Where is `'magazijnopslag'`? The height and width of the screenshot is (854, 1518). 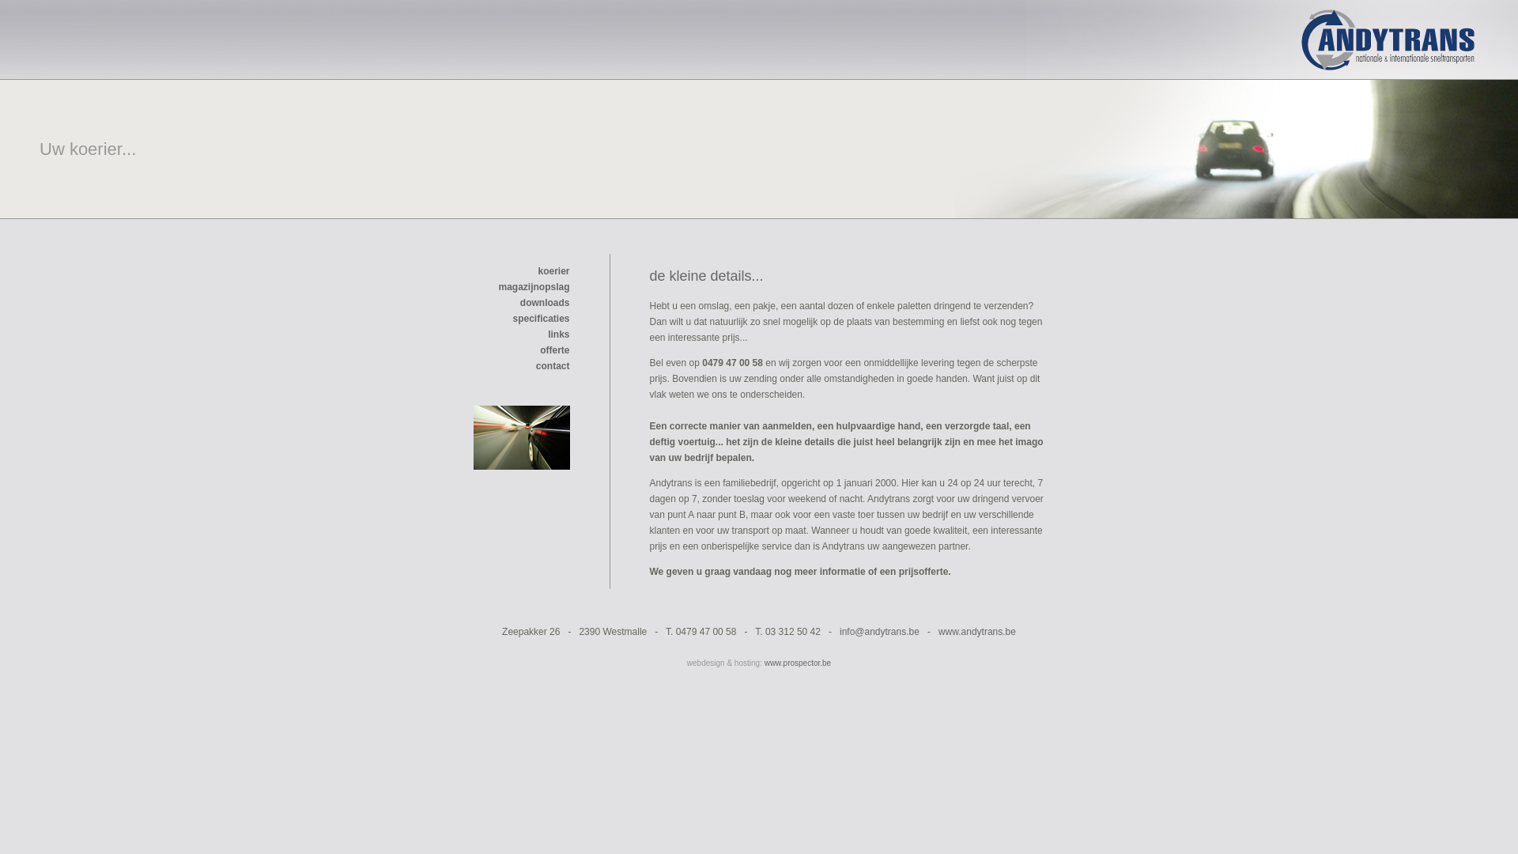
'magazijnopslag' is located at coordinates (534, 295).